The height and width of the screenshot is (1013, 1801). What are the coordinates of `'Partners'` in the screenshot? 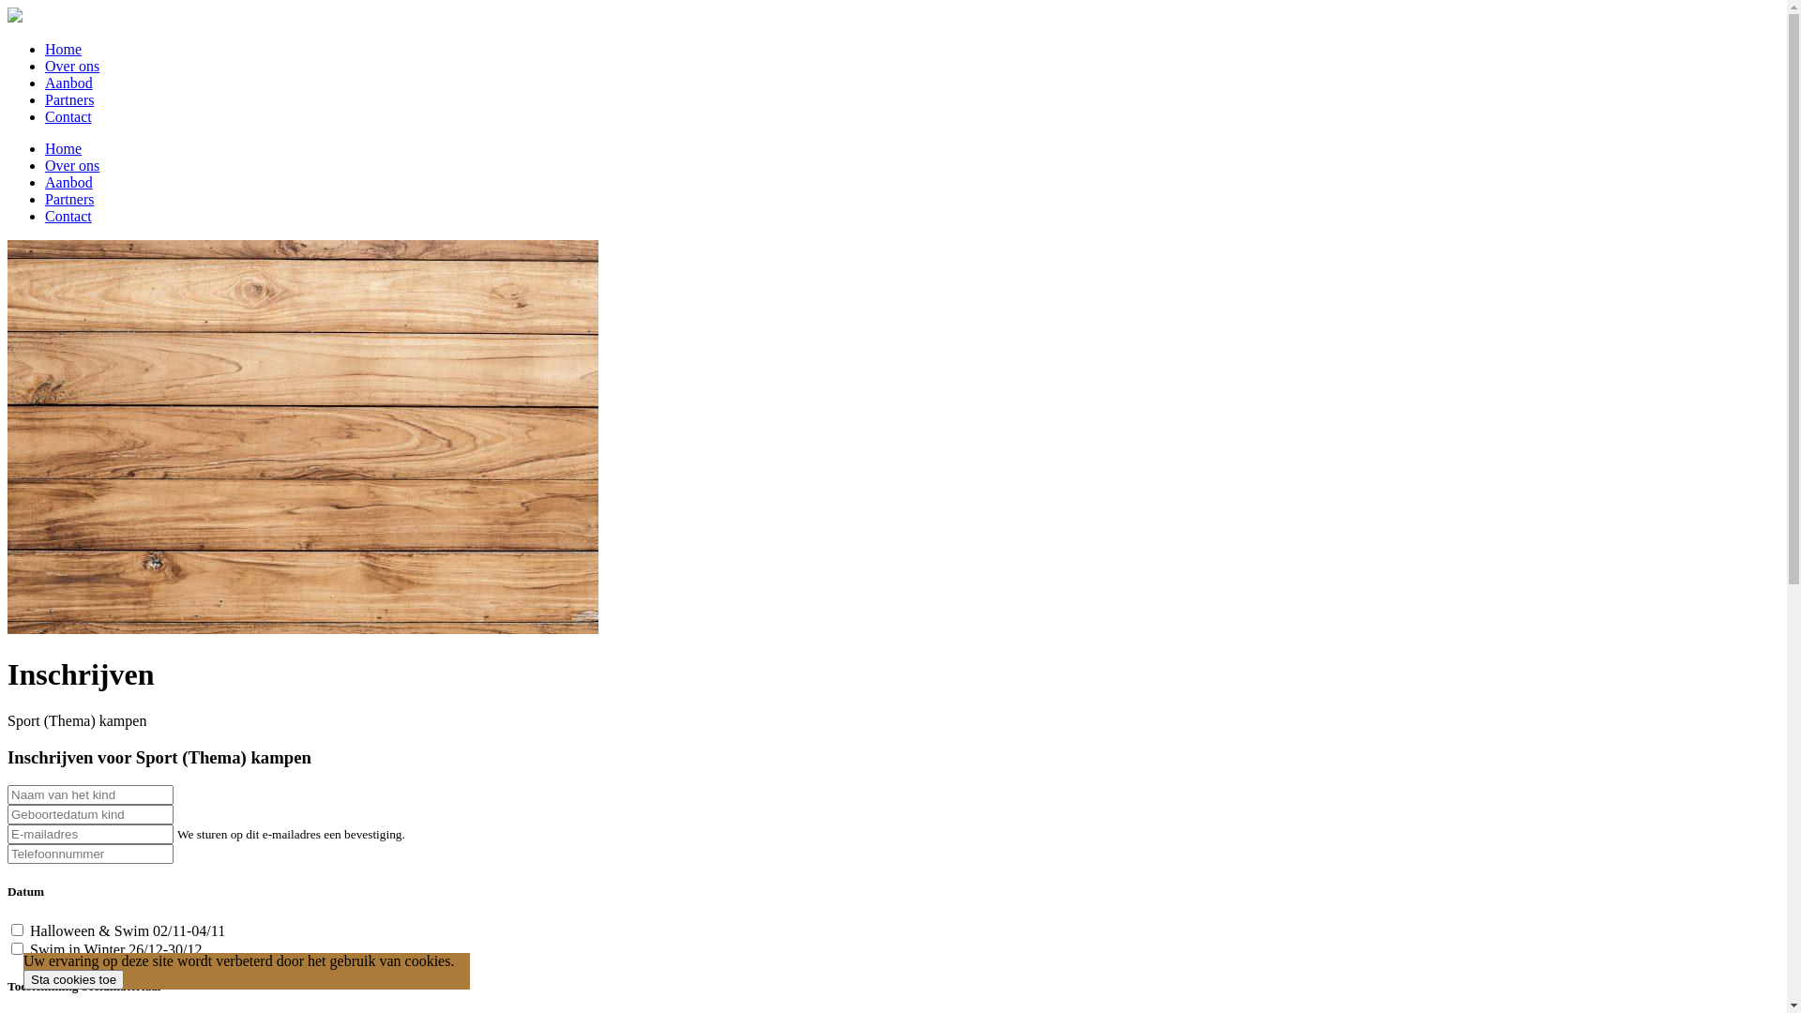 It's located at (68, 99).